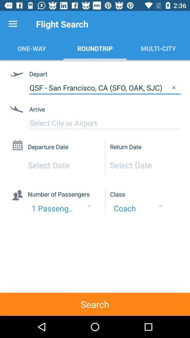  I want to click on item below the arrive item, so click(104, 123).